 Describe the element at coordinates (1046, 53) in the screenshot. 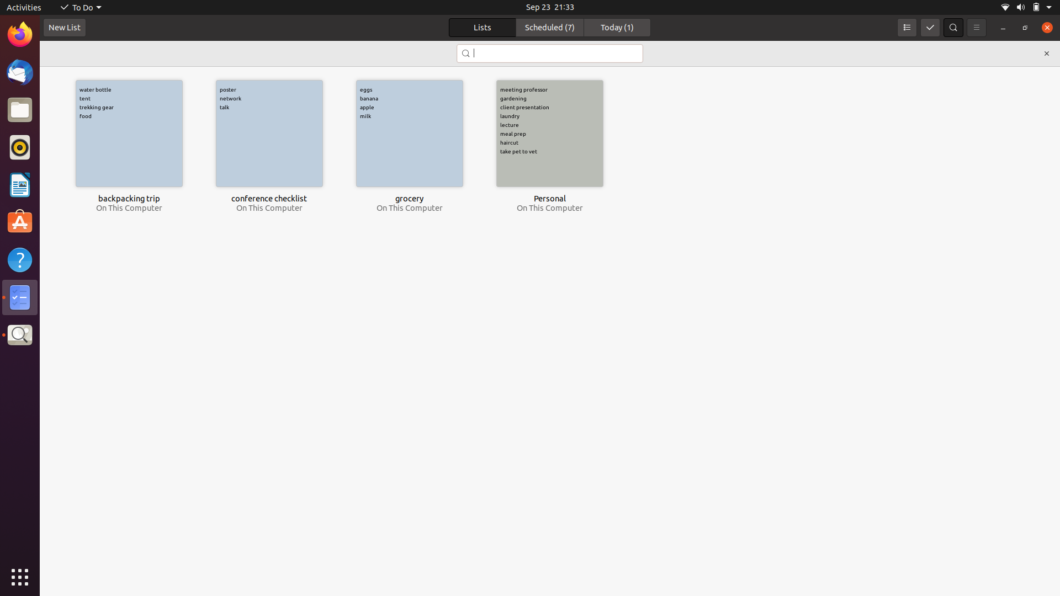

I see `Close search bar using mouse` at that location.